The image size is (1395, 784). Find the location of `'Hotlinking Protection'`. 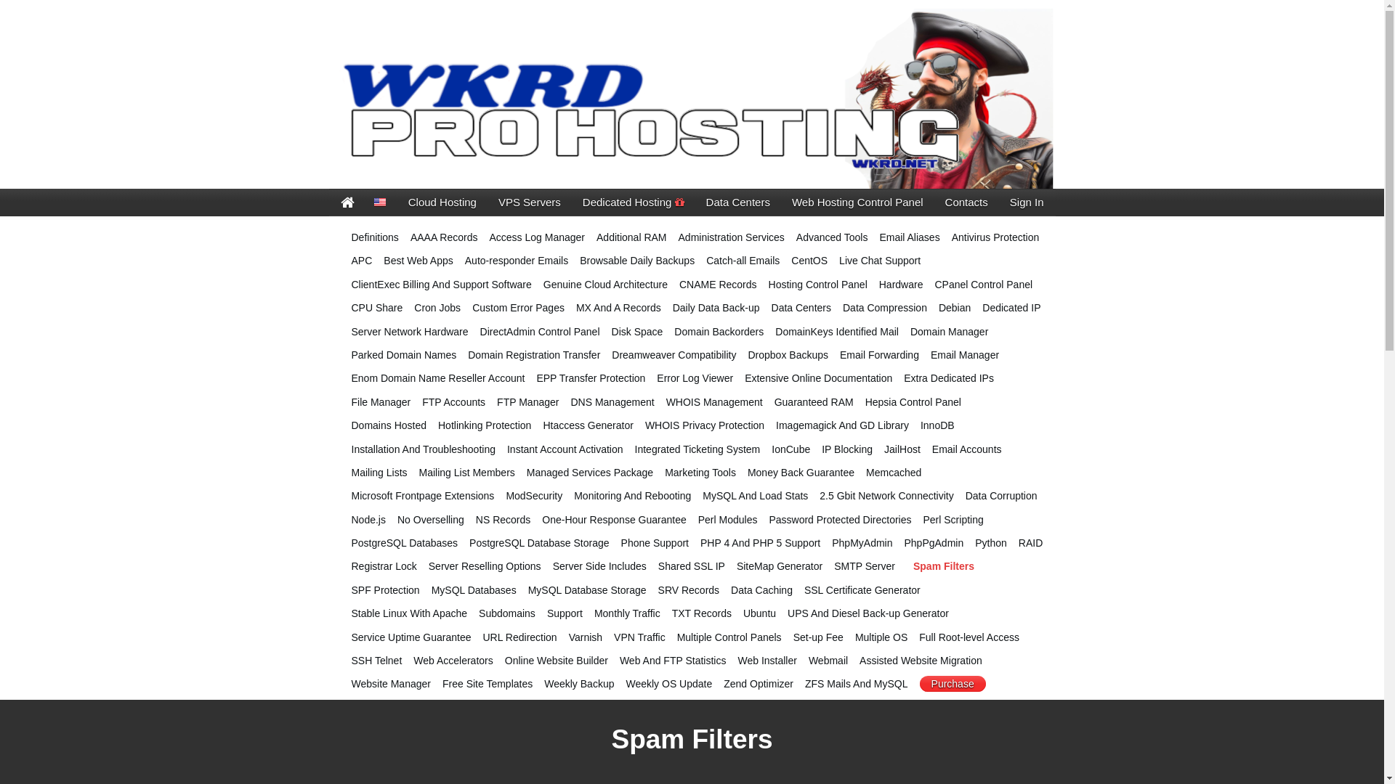

'Hotlinking Protection' is located at coordinates (485, 425).